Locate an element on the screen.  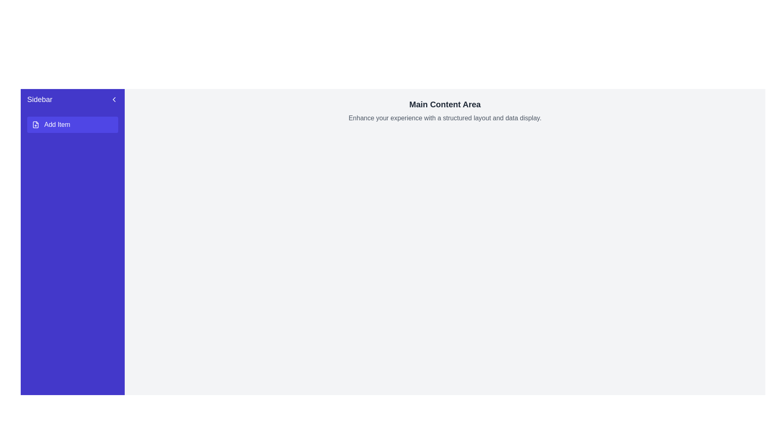
the text label that reads 'Enhance your experience with a structured layout and data display.' located underneath the title 'Main Content Area.' is located at coordinates (444, 118).